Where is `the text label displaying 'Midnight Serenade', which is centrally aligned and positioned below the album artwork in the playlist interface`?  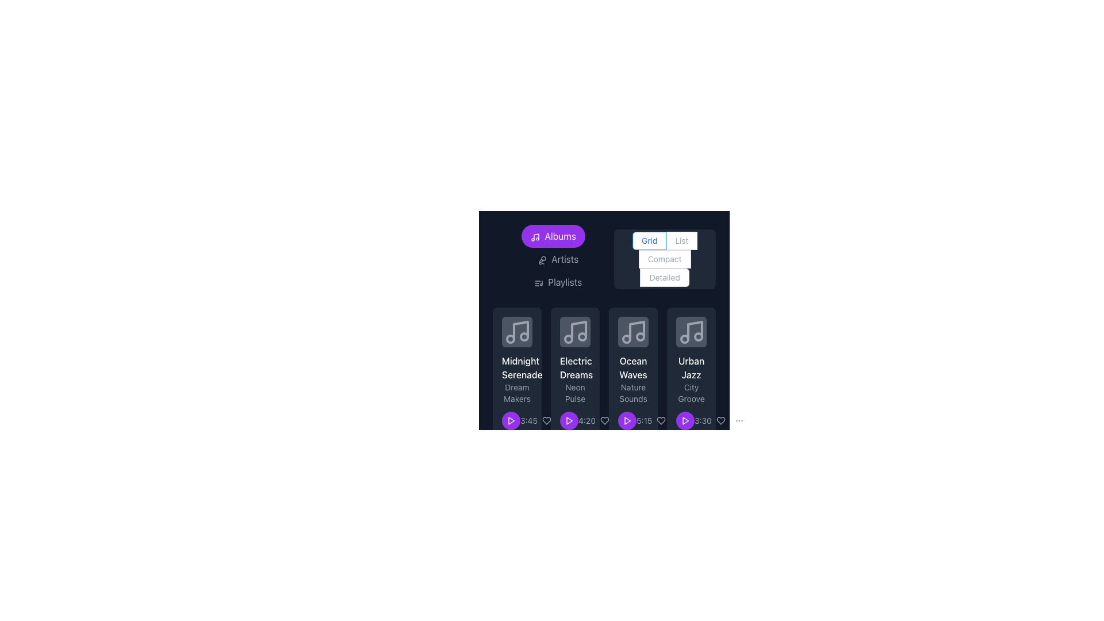 the text label displaying 'Midnight Serenade', which is centrally aligned and positioned below the album artwork in the playlist interface is located at coordinates (516, 368).